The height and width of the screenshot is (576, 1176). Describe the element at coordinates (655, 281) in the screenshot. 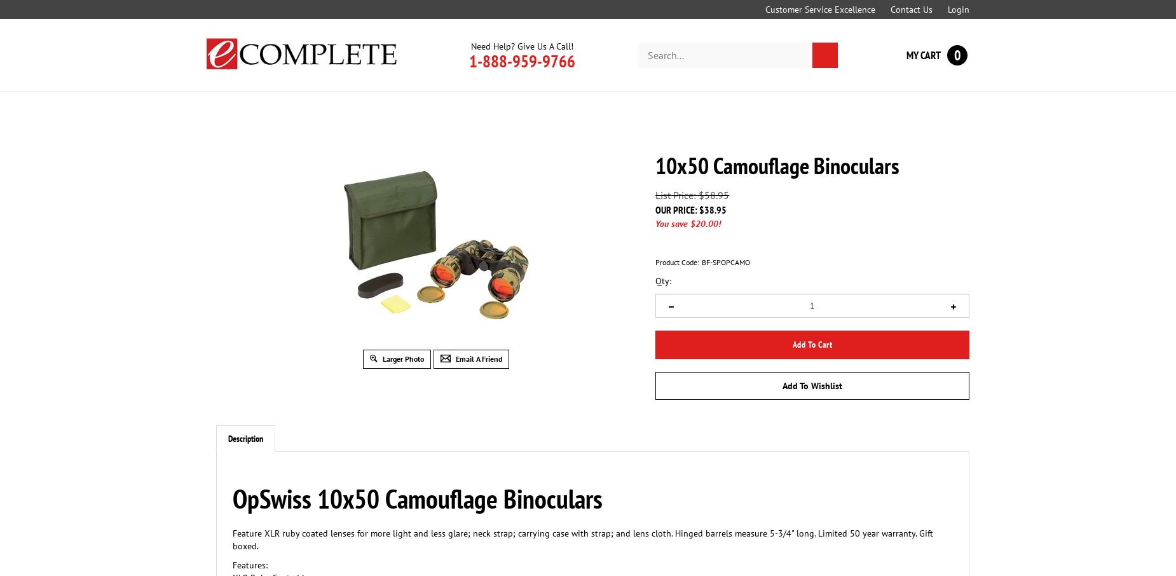

I see `'Qty:'` at that location.